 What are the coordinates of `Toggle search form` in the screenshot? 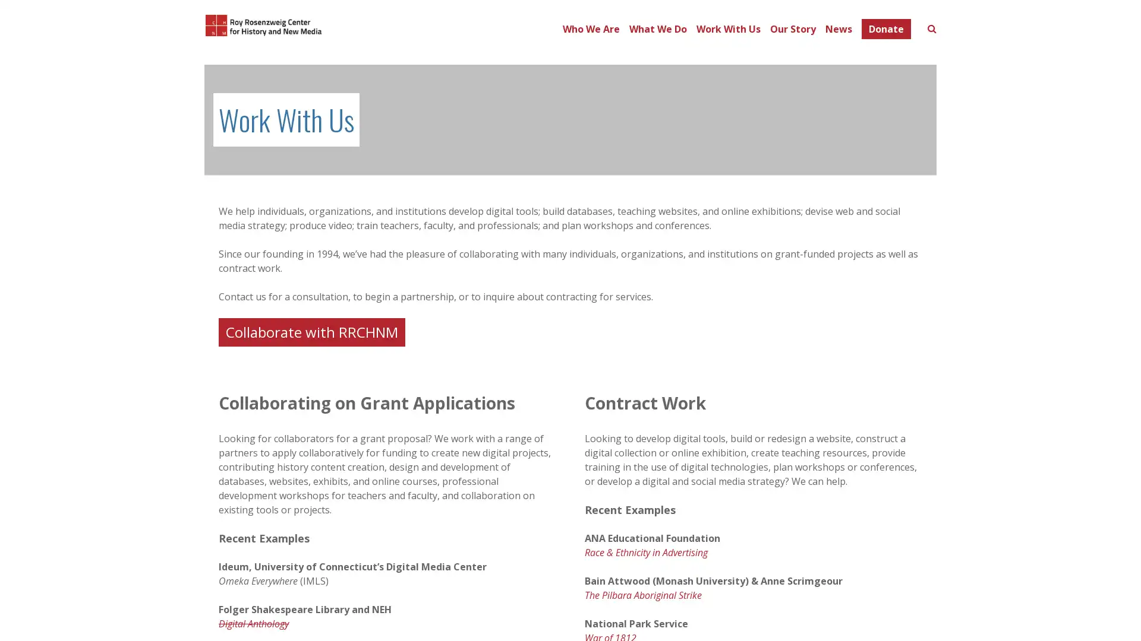 It's located at (931, 28).